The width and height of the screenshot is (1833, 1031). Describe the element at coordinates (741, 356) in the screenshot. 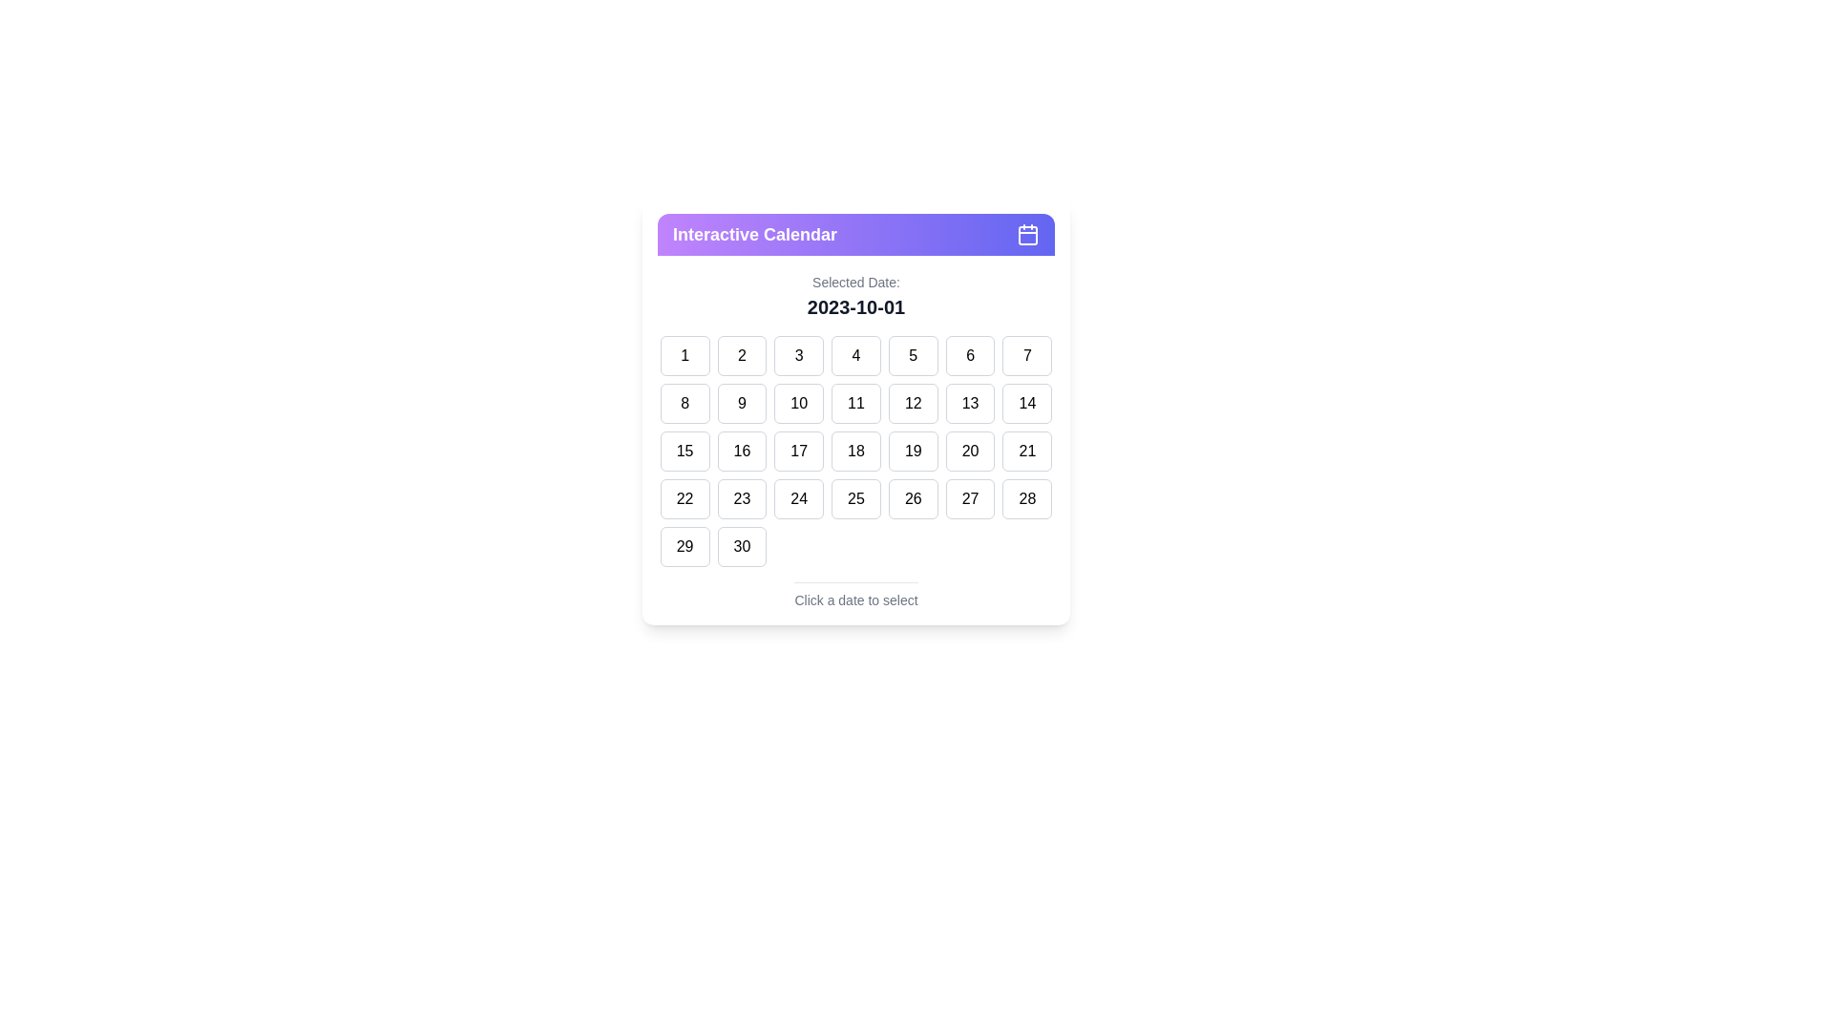

I see `the date selection button for '2' in the calendar to change its background color` at that location.